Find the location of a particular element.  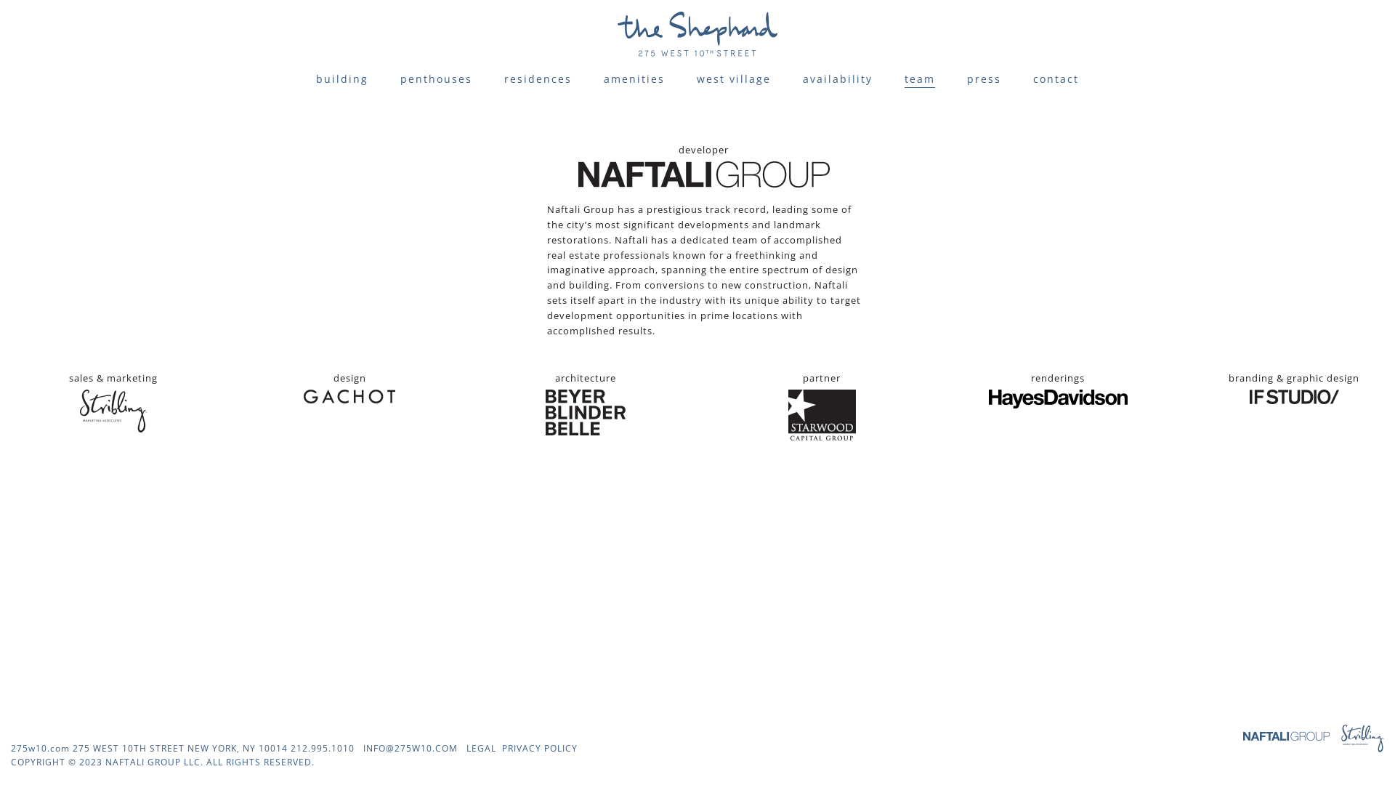

'building' is located at coordinates (341, 78).